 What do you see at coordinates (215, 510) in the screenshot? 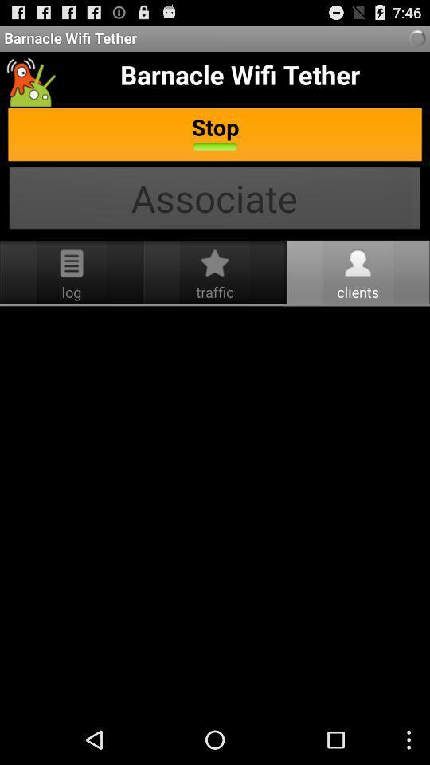
I see `empty page` at bounding box center [215, 510].